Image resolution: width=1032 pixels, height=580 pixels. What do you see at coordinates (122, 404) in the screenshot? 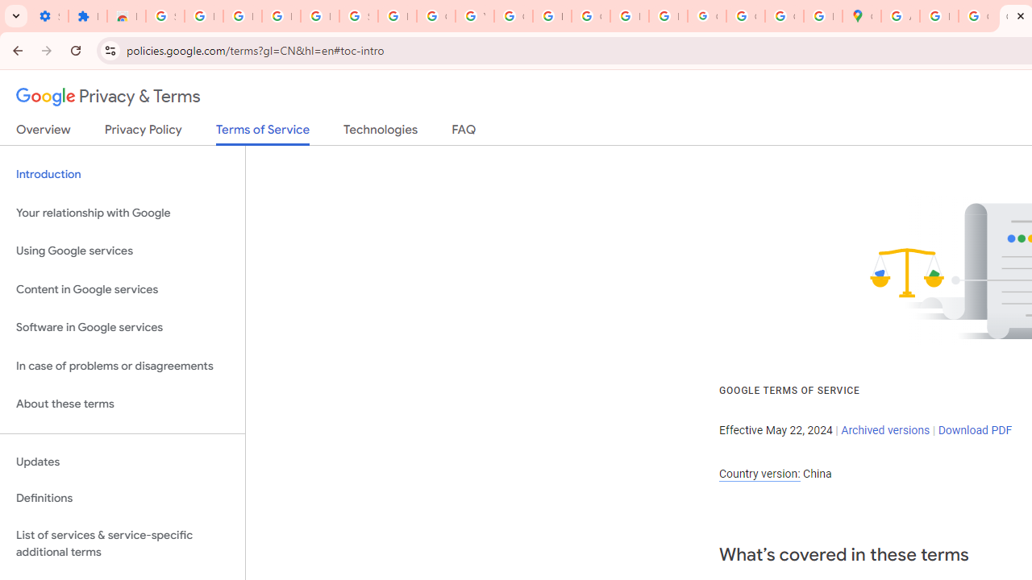
I see `'About these terms'` at bounding box center [122, 404].